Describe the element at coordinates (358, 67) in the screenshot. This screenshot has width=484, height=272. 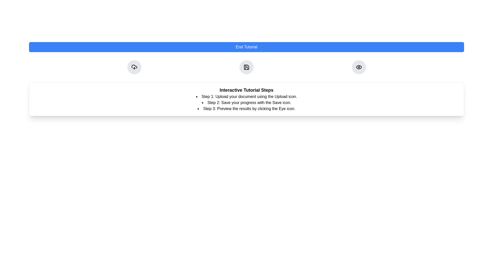
I see `the preview button icon located in the middle row of the interface` at that location.